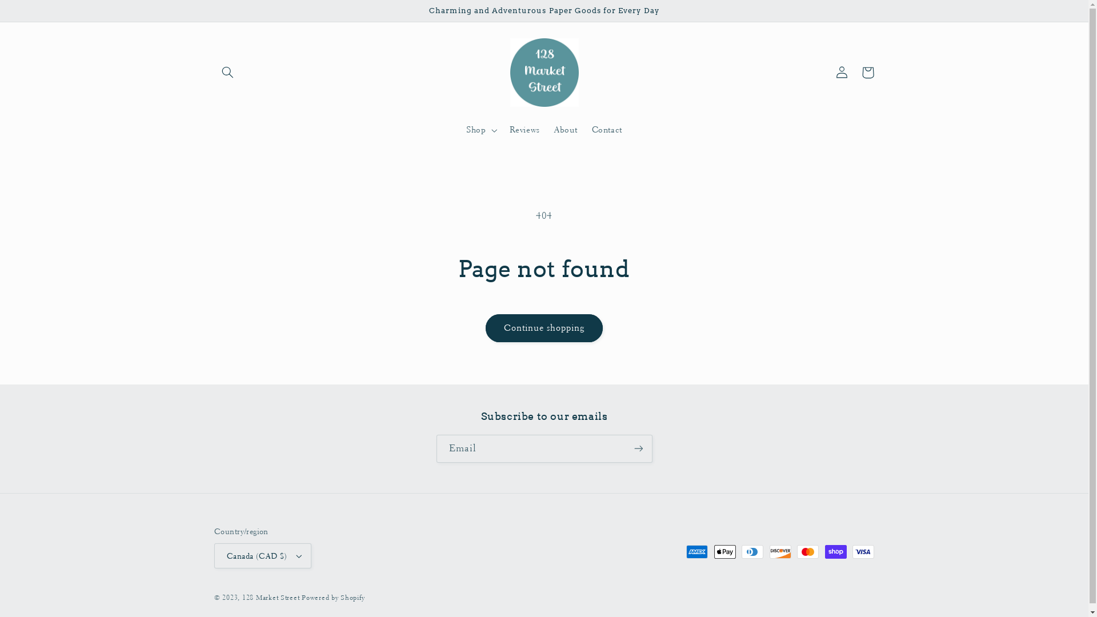 Image resolution: width=1097 pixels, height=617 pixels. What do you see at coordinates (524, 129) in the screenshot?
I see `'Reviews'` at bounding box center [524, 129].